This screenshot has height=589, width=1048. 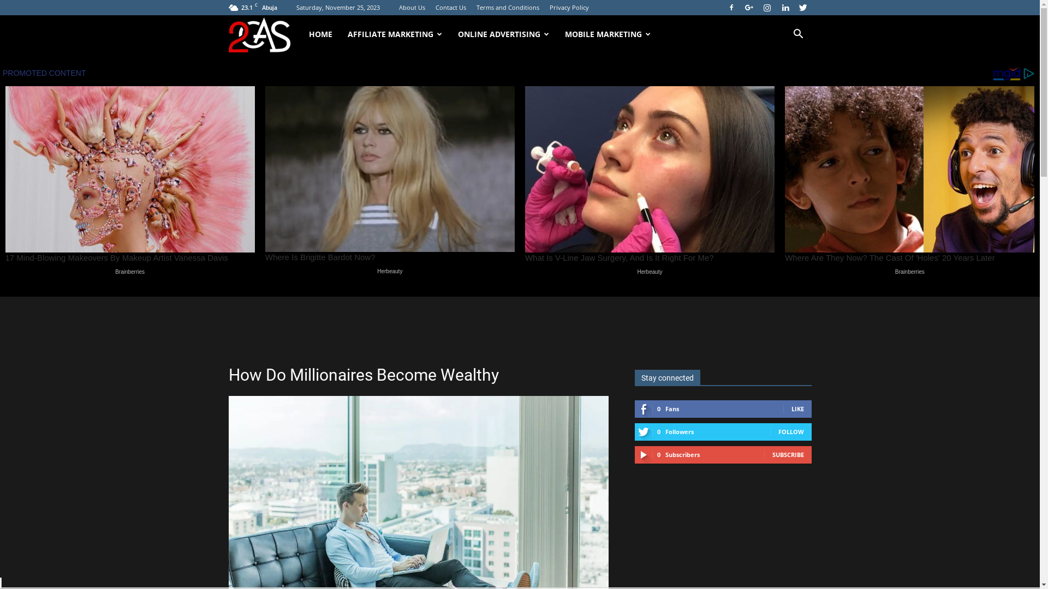 I want to click on 'FOLLOW', so click(x=791, y=431).